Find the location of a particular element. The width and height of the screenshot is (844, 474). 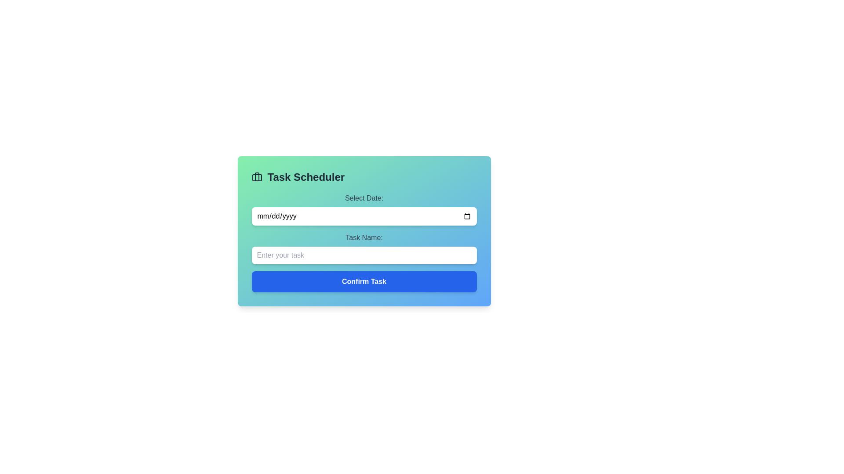

the task management icon located to the far left of the 'Task Scheduler' title heading is located at coordinates (256, 177).